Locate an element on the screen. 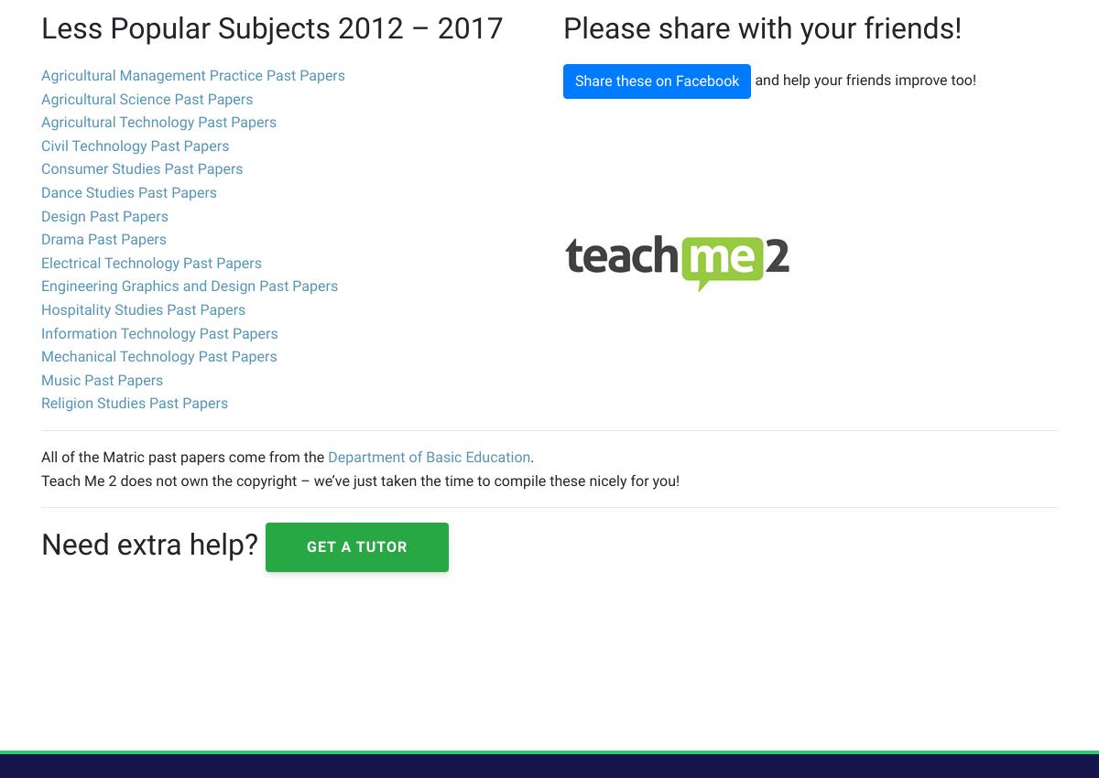 The height and width of the screenshot is (778, 1099). 'Get A Tutor' is located at coordinates (357, 546).